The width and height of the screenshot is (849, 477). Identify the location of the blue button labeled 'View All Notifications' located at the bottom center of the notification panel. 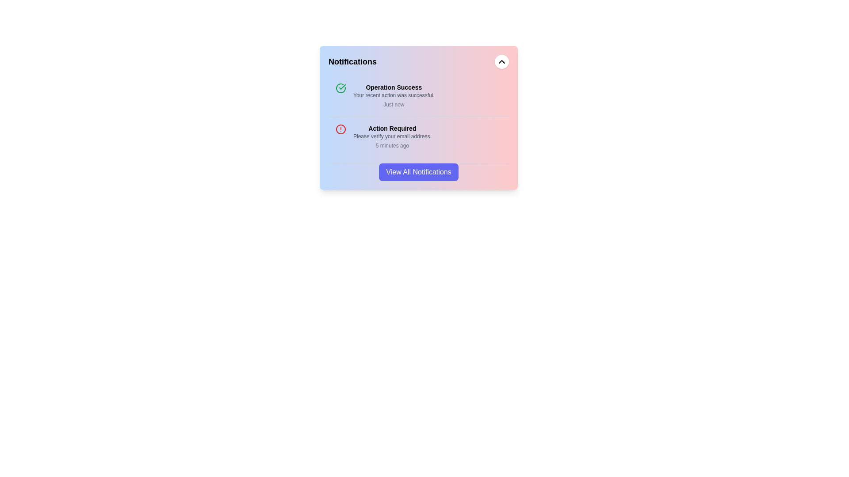
(418, 172).